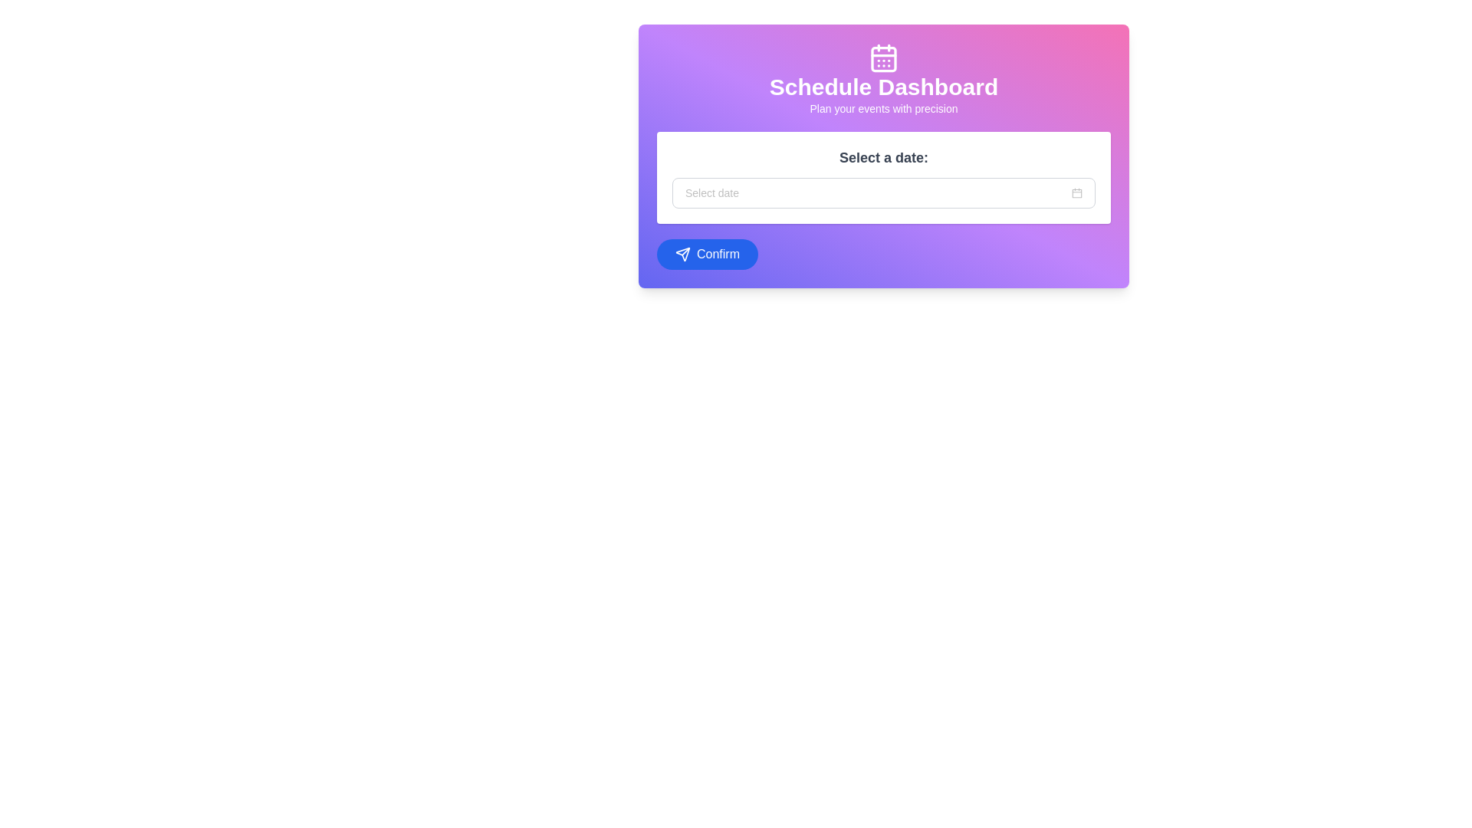 Image resolution: width=1472 pixels, height=828 pixels. What do you see at coordinates (1076, 192) in the screenshot?
I see `the calendar icon located on the far right side of the 'Select a date' input field` at bounding box center [1076, 192].